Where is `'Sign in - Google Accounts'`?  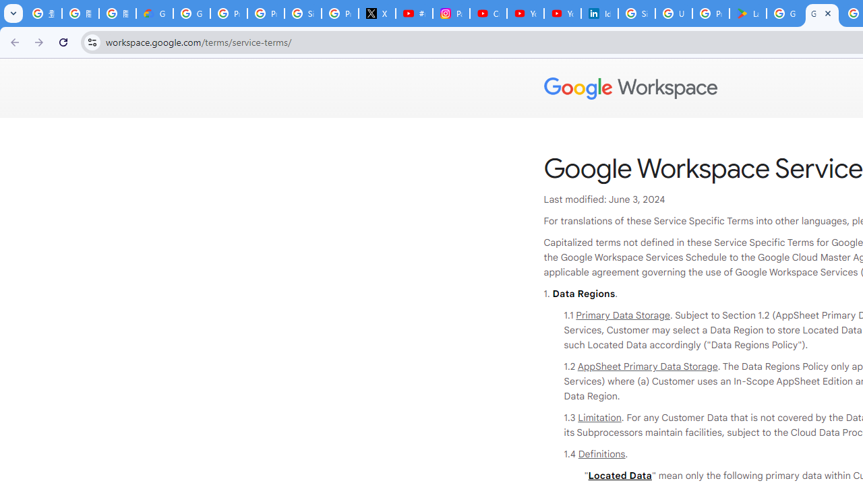 'Sign in - Google Accounts' is located at coordinates (636, 13).